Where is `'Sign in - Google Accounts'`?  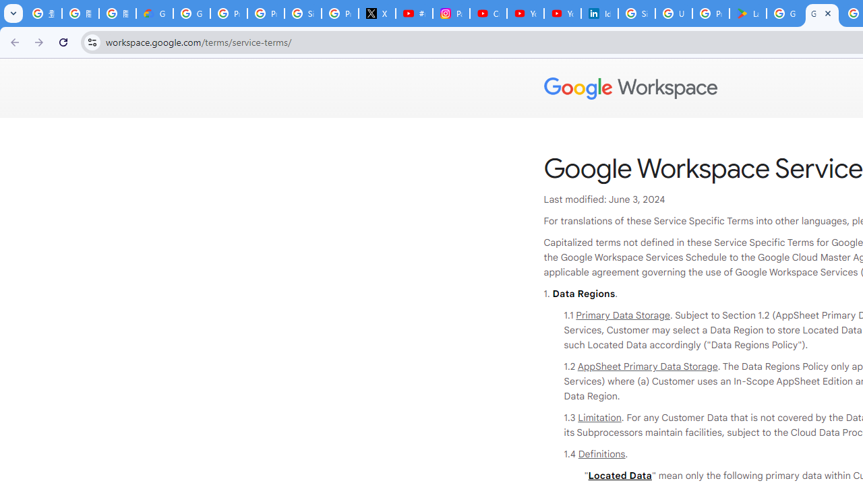 'Sign in - Google Accounts' is located at coordinates (636, 13).